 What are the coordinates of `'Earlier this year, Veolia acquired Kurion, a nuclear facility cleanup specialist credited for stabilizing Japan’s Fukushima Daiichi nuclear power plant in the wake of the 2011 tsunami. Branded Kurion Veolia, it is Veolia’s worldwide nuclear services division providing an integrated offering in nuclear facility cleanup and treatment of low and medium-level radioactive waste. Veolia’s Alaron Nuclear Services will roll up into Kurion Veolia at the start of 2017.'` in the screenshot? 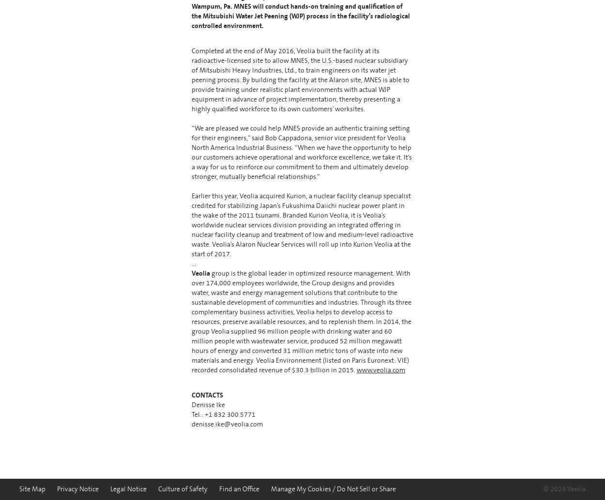 It's located at (302, 224).